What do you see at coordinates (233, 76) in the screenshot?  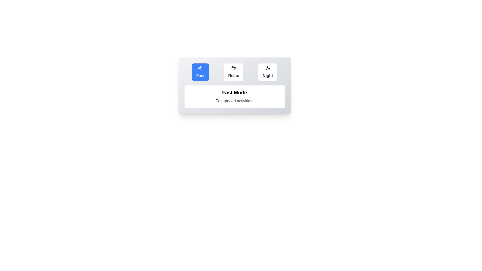 I see `'Relax' mode label, which is located inside the second selectable option box, centered below the coffee cup icon, and positioned between the 'Fast' and 'Night' options` at bounding box center [233, 76].